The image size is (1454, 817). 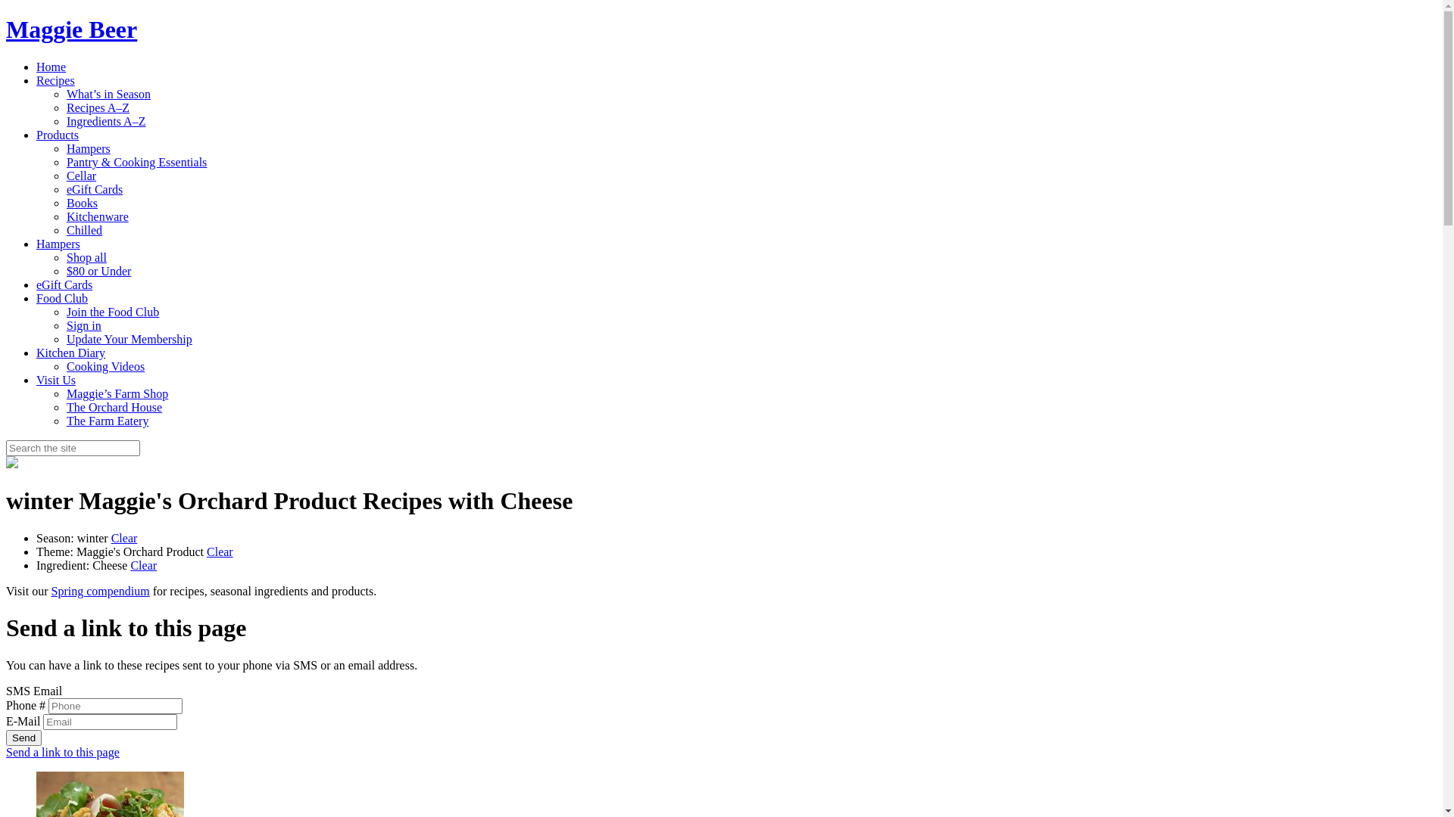 What do you see at coordinates (61, 752) in the screenshot?
I see `'Send a link to this page'` at bounding box center [61, 752].